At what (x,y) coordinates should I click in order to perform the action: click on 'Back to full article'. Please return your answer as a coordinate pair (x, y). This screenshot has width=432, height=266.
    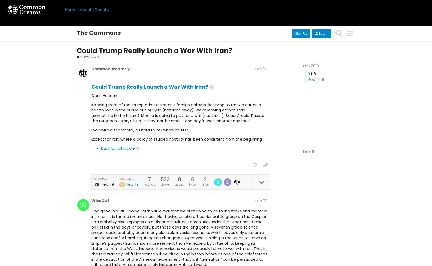
    Looking at the image, I should click on (117, 148).